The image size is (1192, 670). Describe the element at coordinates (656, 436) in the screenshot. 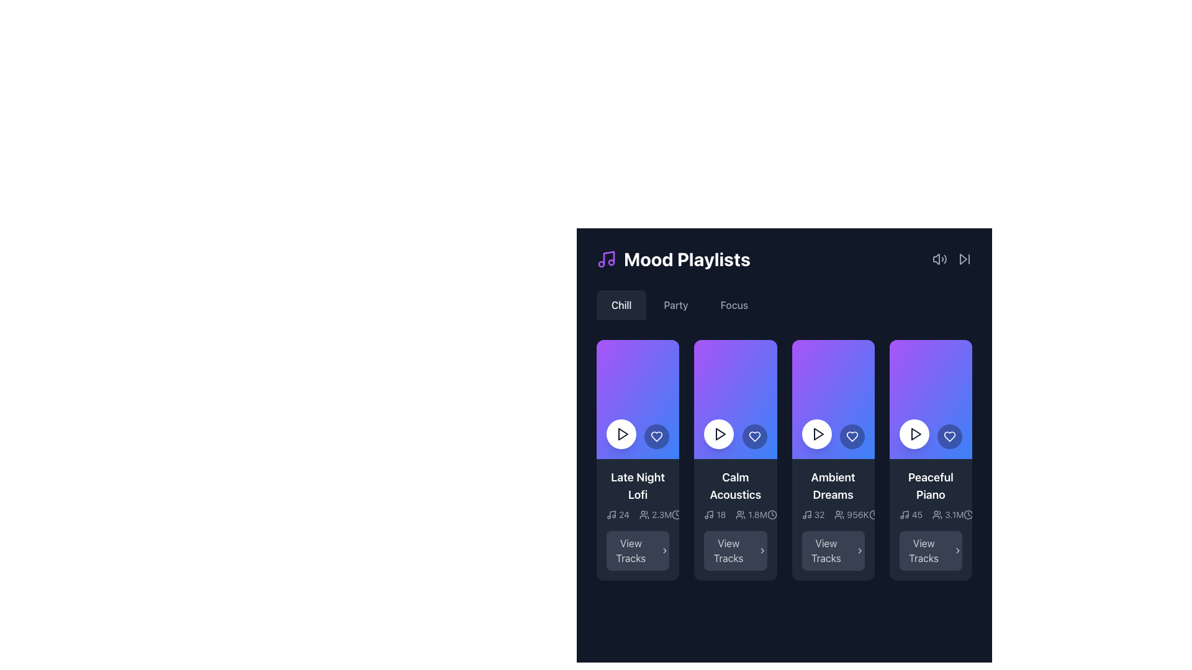

I see `the favorite icon button located in the bottom-right corner of the 'Late Night Lofi' card` at that location.